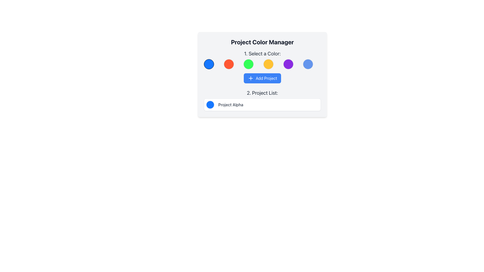 This screenshot has width=484, height=272. Describe the element at coordinates (262, 53) in the screenshot. I see `the static text element that serves as a heading or instruction for selecting a color, located at the top of the content panel above the color options` at that location.